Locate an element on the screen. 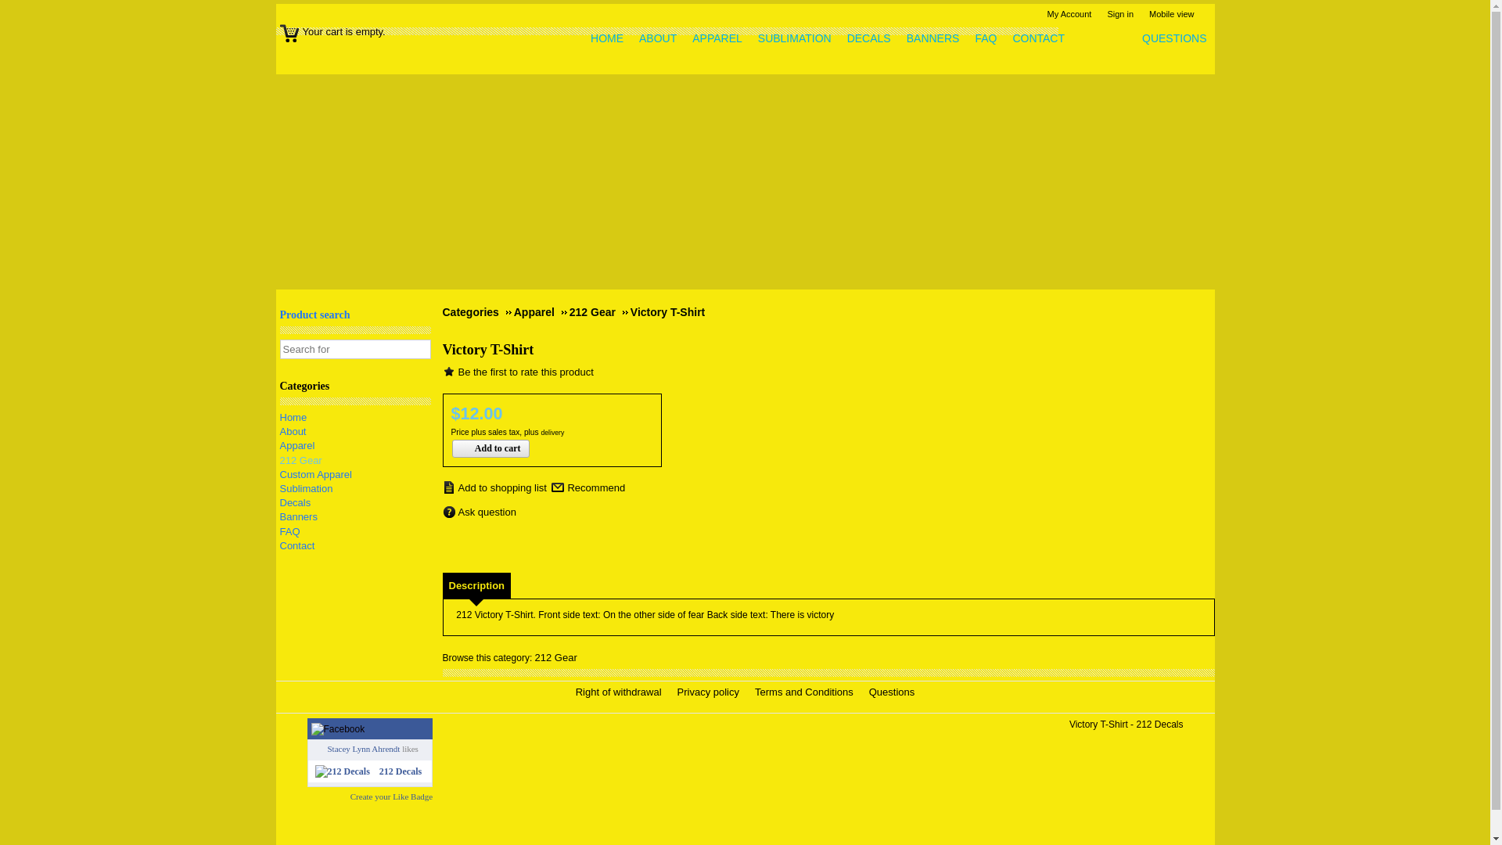 This screenshot has width=1502, height=845. 'Custom Apparel' is located at coordinates (315, 473).